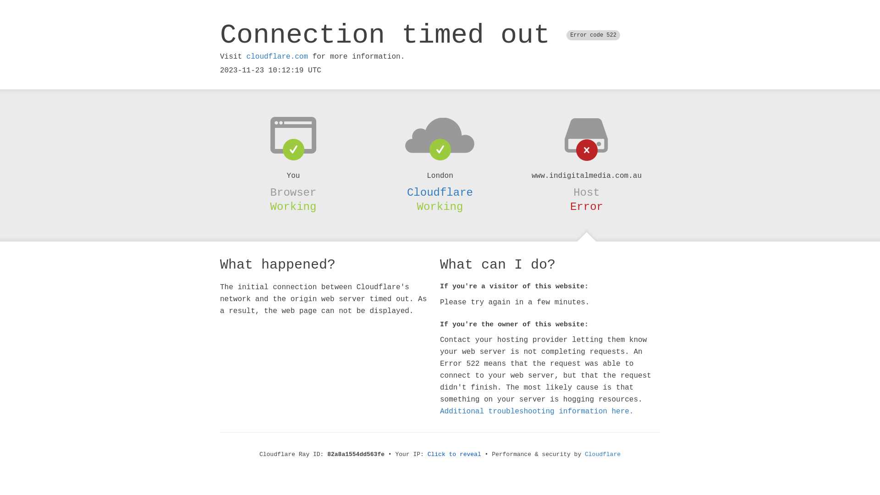 The width and height of the screenshot is (880, 495). I want to click on 'Click to reveal', so click(454, 454).